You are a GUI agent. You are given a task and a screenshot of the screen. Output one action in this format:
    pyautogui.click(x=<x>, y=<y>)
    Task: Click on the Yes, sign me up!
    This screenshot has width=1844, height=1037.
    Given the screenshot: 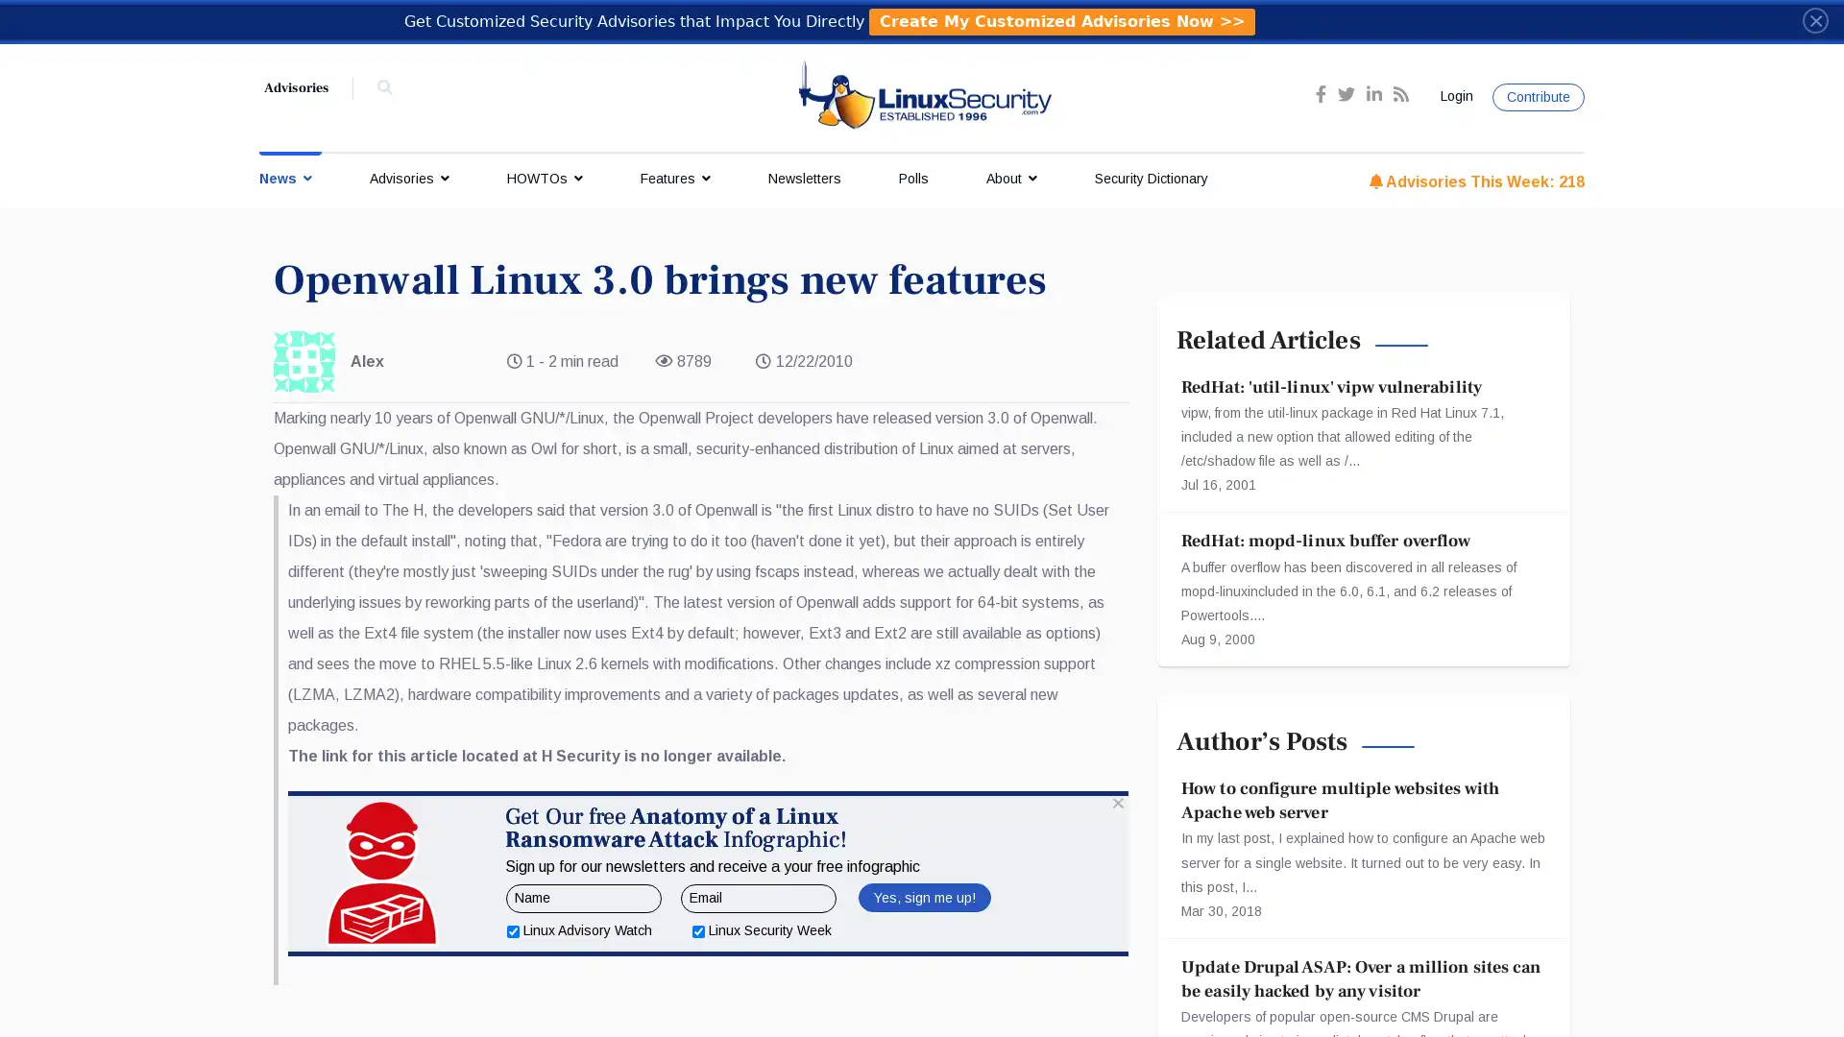 What is the action you would take?
    pyautogui.click(x=923, y=992)
    